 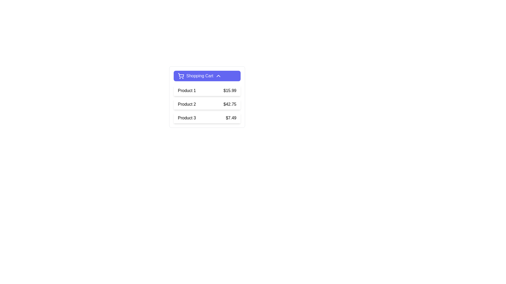 What do you see at coordinates (207, 104) in the screenshot?
I see `to select the product card displaying 'Product 2' with price '$42.75' in the Shopping Cart list` at bounding box center [207, 104].